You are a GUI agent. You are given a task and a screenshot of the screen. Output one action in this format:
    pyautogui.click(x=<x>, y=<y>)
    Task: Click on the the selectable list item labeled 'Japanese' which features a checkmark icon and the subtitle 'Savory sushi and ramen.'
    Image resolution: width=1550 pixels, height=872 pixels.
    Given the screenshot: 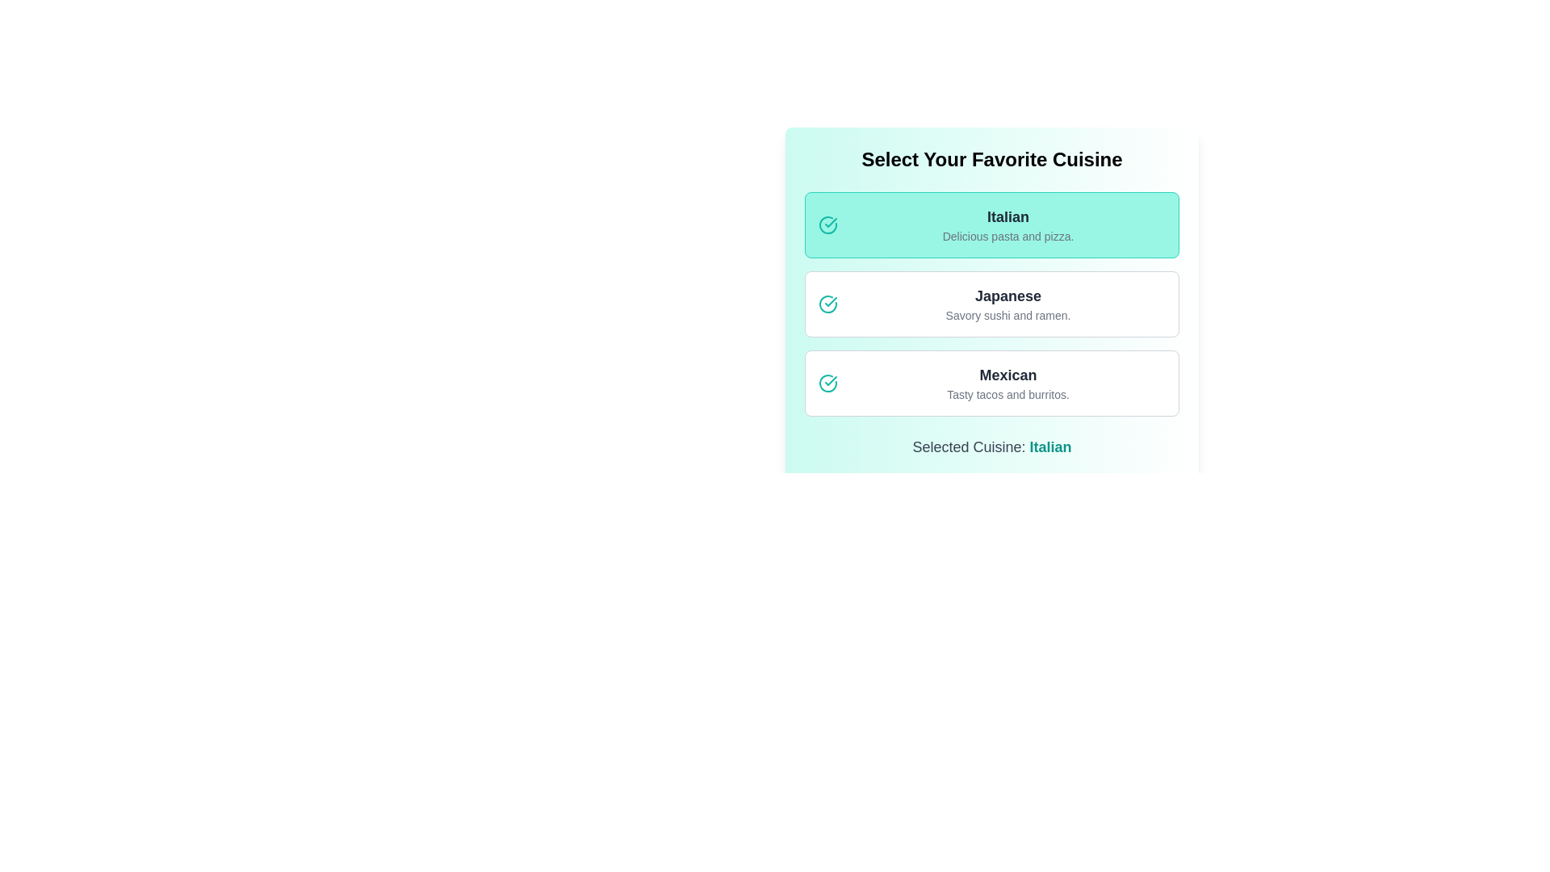 What is the action you would take?
    pyautogui.click(x=991, y=304)
    